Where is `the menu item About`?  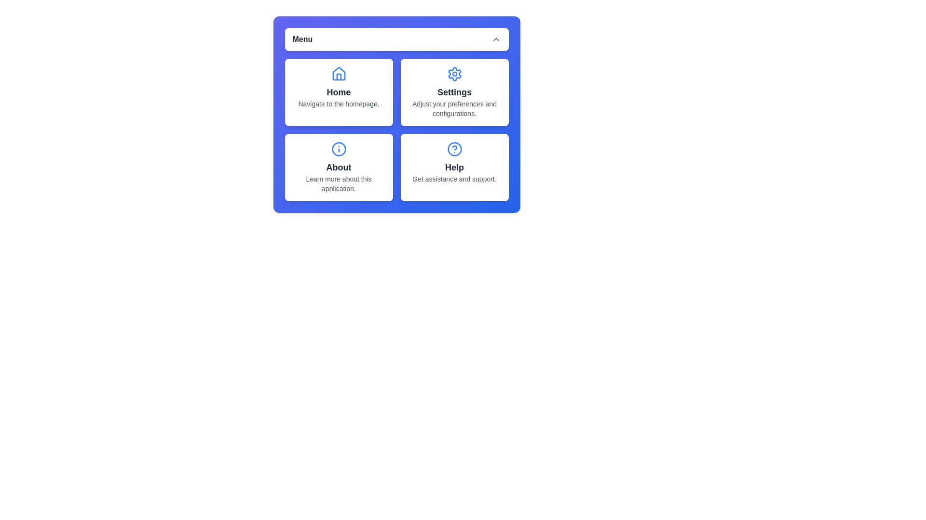 the menu item About is located at coordinates (339, 167).